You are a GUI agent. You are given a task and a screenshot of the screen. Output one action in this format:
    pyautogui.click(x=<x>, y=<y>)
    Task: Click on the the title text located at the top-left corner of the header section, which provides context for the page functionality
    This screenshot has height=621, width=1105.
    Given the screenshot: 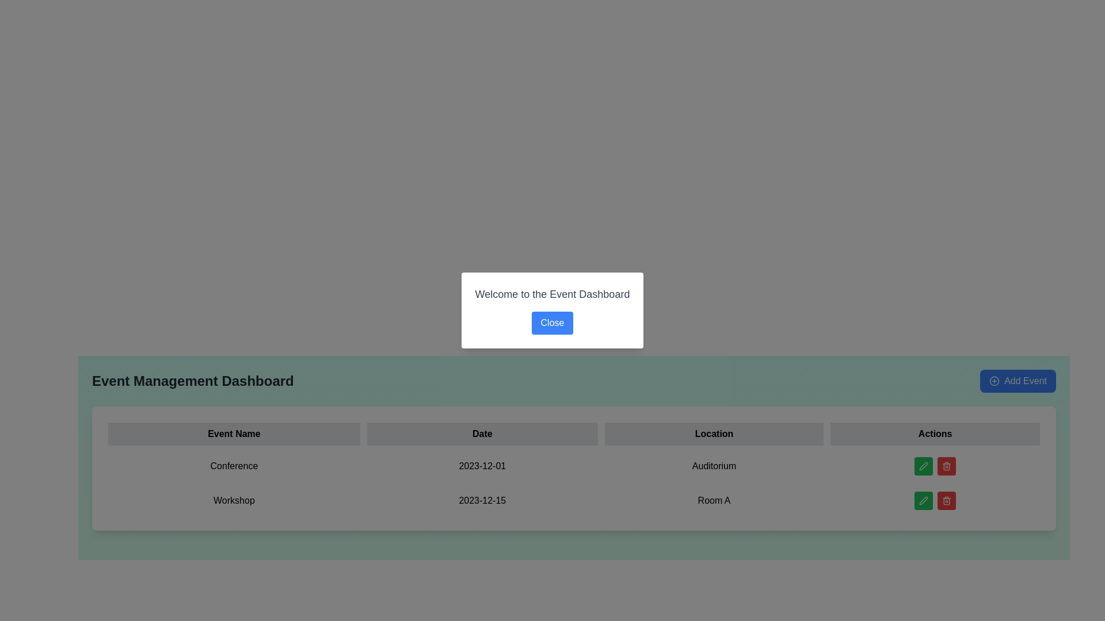 What is the action you would take?
    pyautogui.click(x=193, y=381)
    